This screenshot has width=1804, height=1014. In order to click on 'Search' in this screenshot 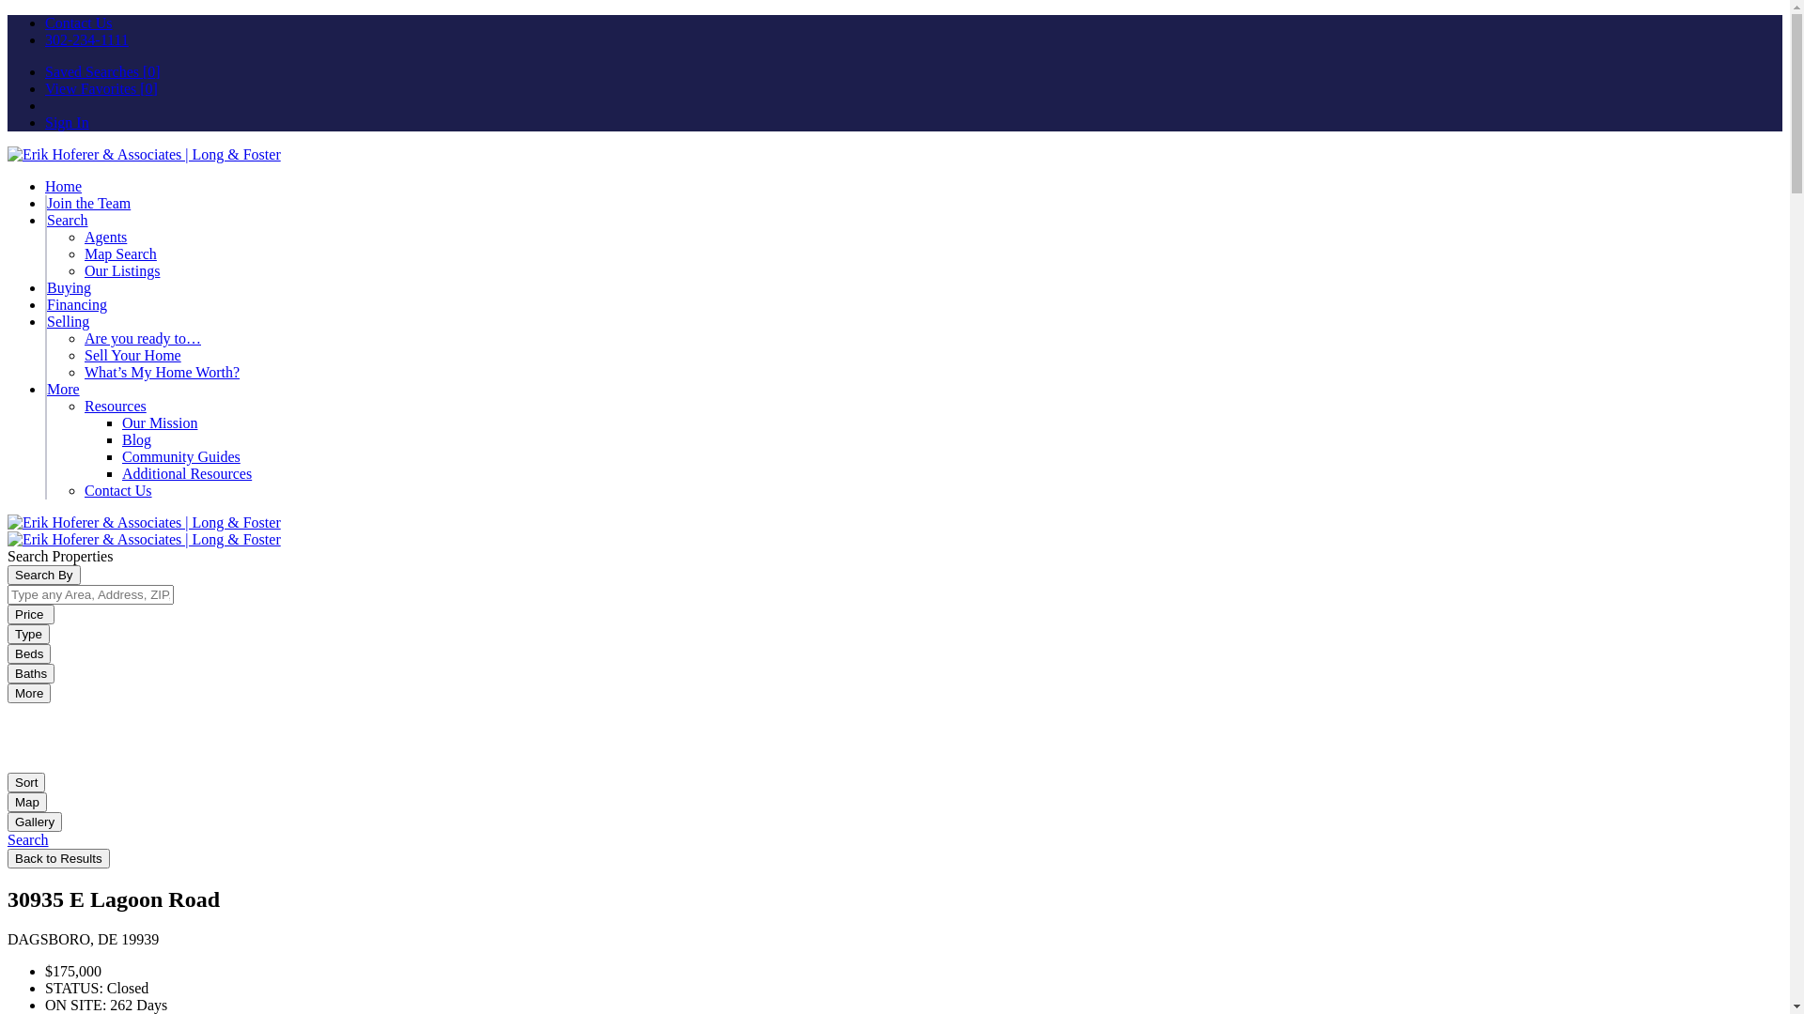, I will do `click(8, 838)`.